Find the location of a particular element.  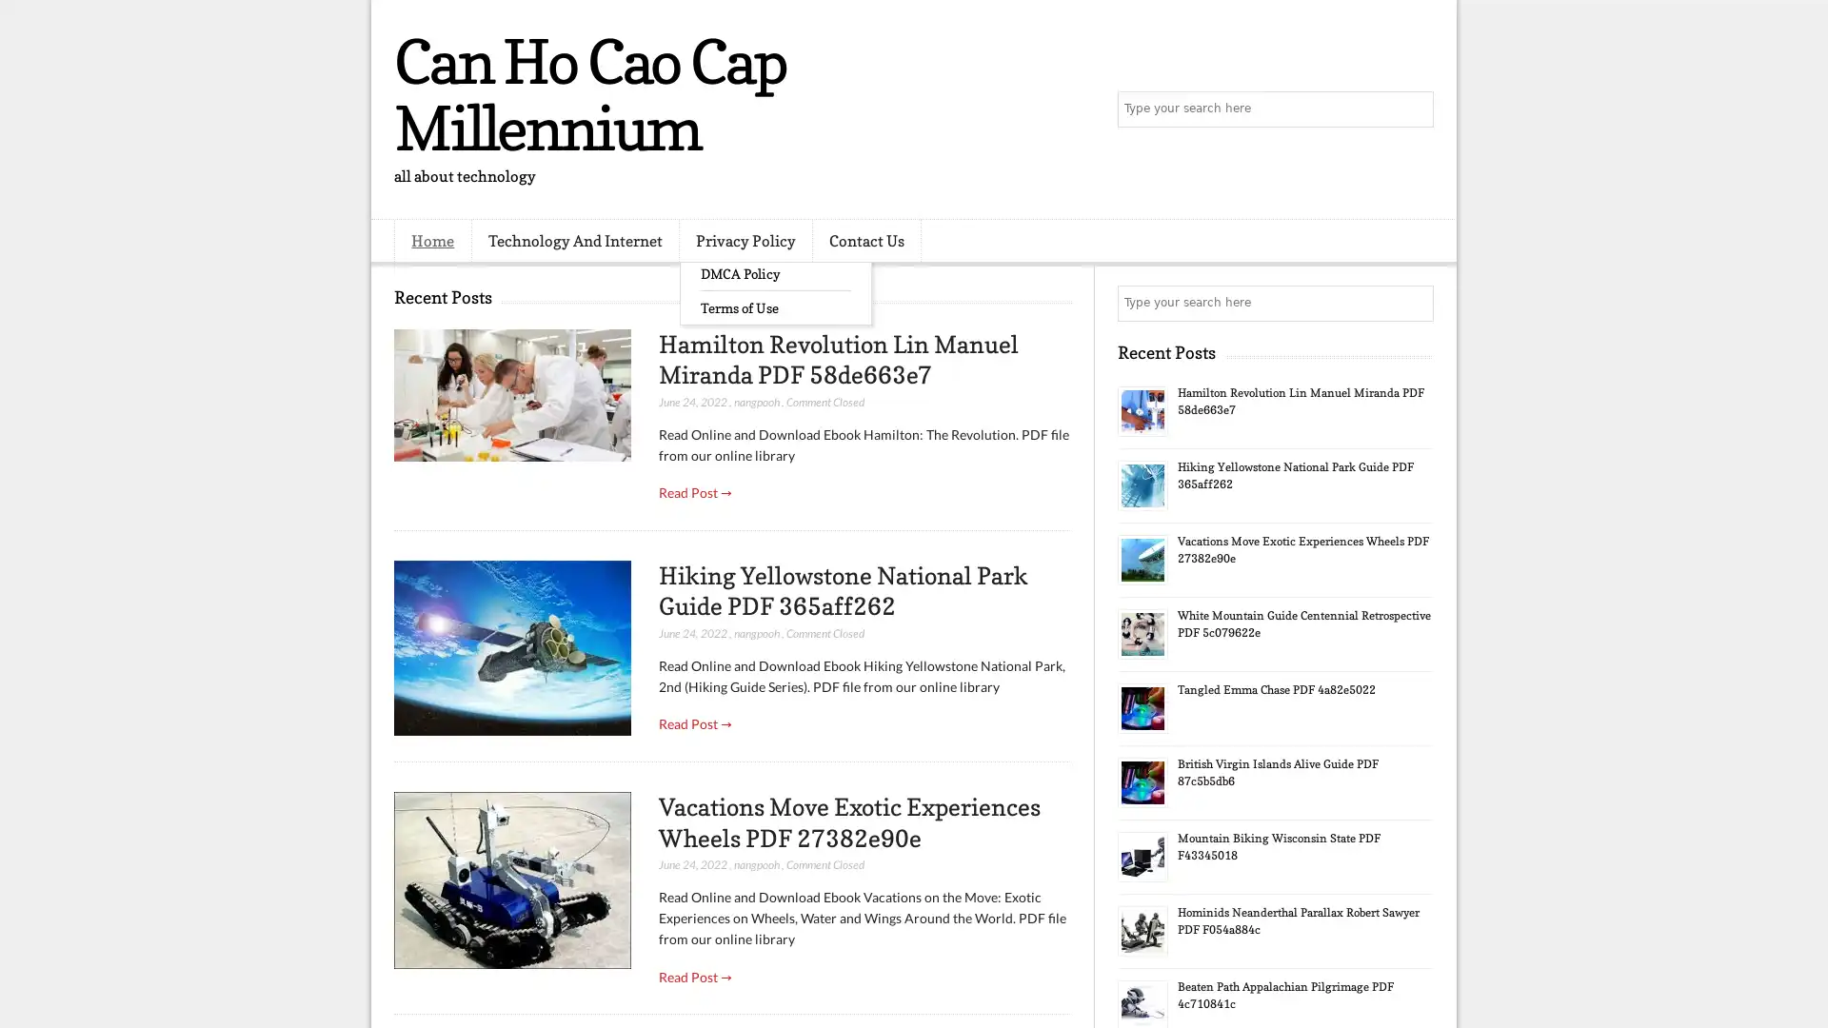

Search is located at coordinates (1414, 109).